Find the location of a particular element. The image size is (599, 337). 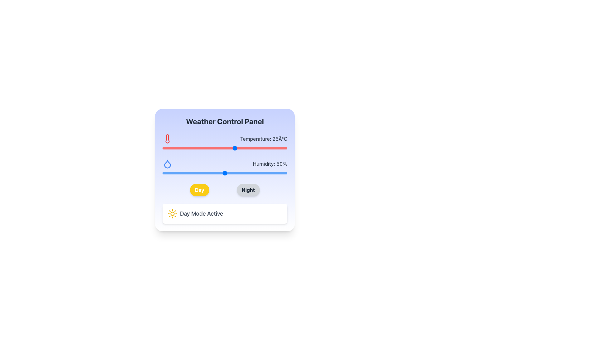

the humidity icon located in the weather control panel, situated below the 'Temperature: 25°C' segment and above the 'Day' and 'Night' buttons is located at coordinates (168, 163).